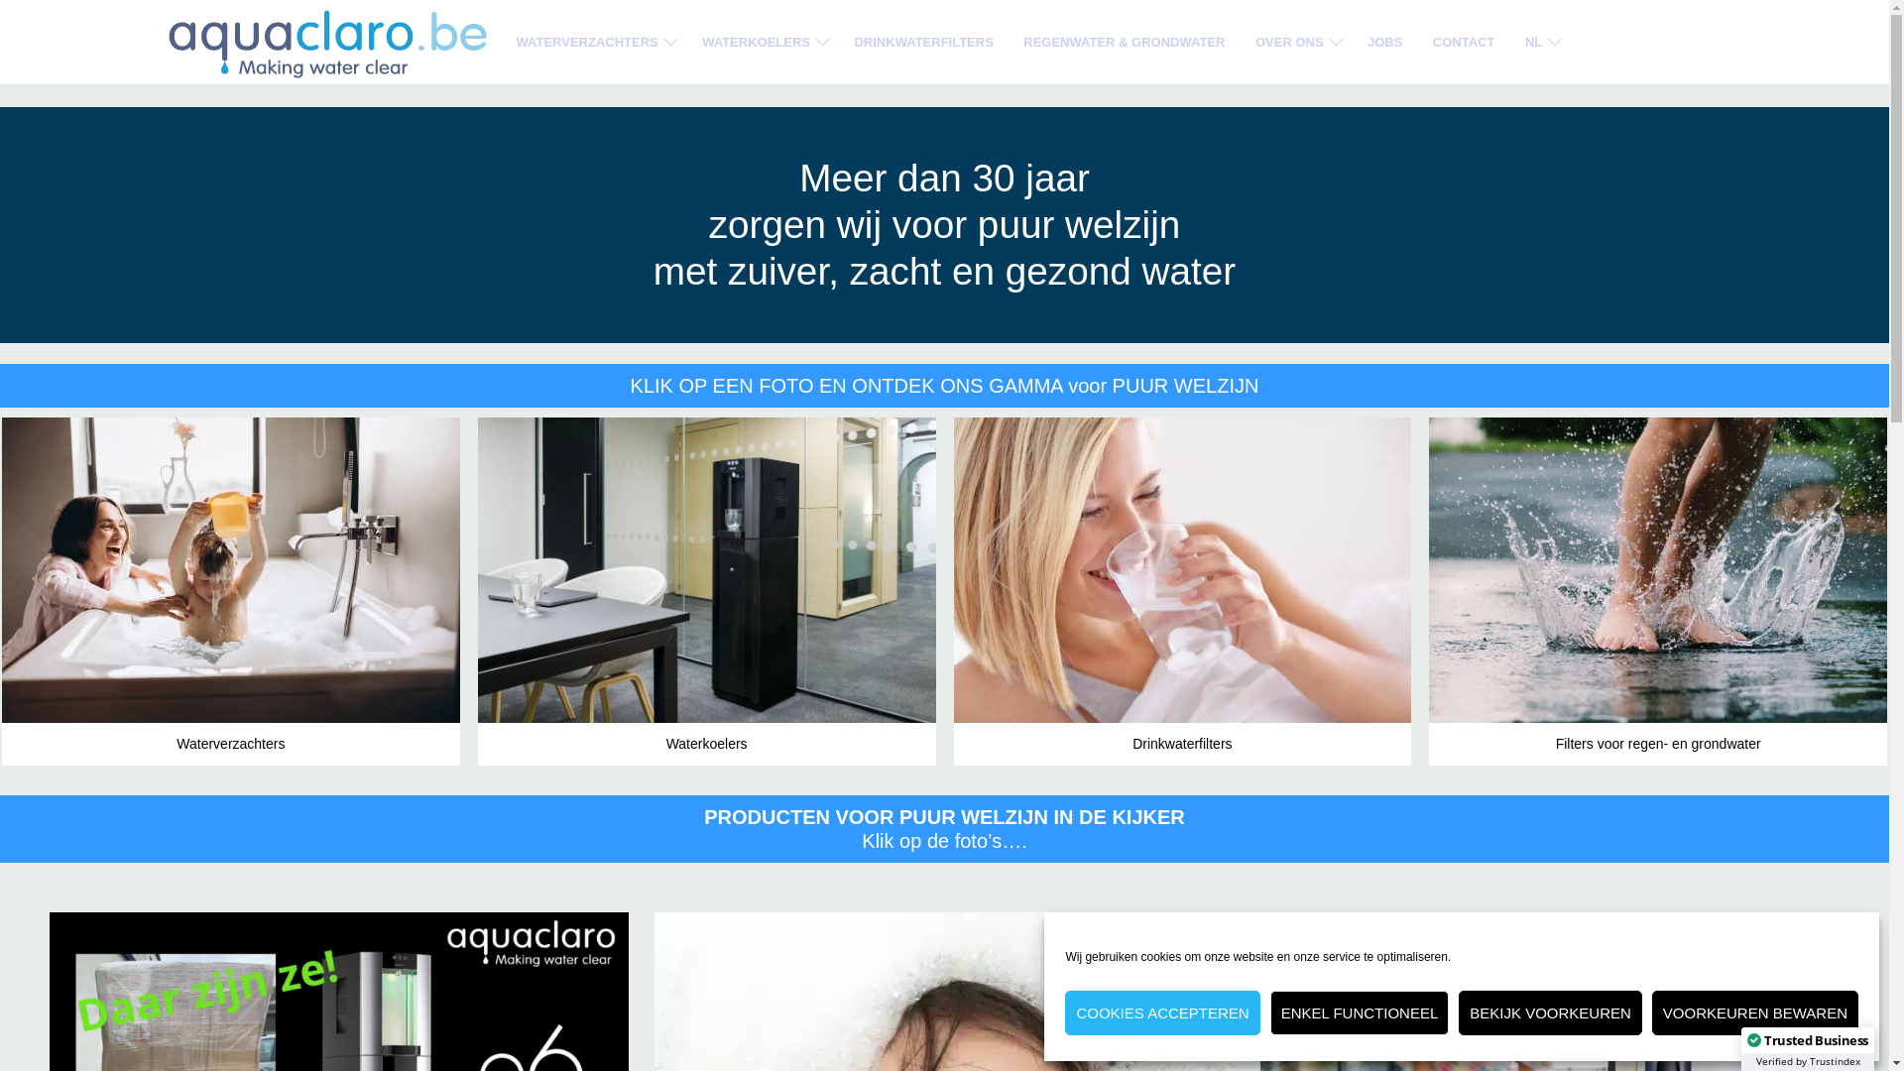  Describe the element at coordinates (922, 42) in the screenshot. I see `'DRINKWATERFILTERS'` at that location.